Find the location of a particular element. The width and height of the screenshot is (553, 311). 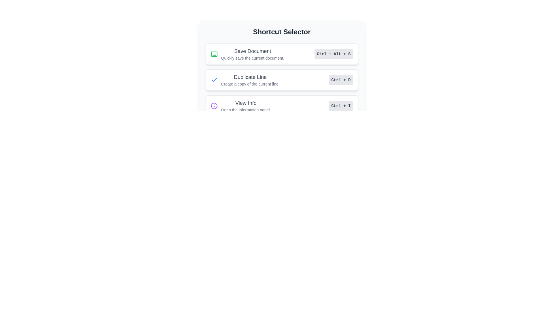

the icon that indicates the selected or activated state of the 'Duplicate Line' option is located at coordinates (214, 80).